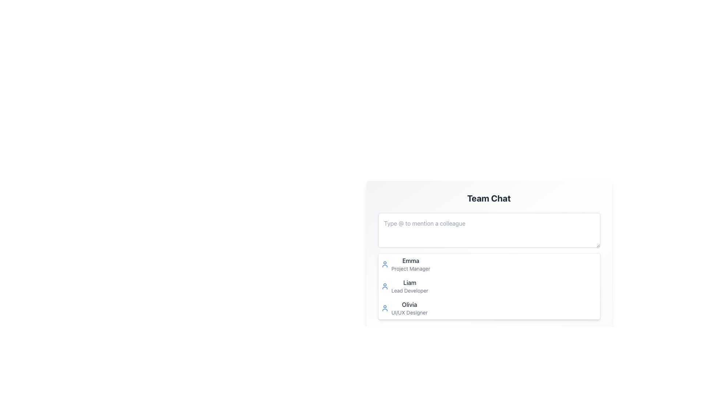  Describe the element at coordinates (411, 269) in the screenshot. I see `the text label displaying 'Project Manager' located directly below 'Emma' in the 'Team Chat' section` at that location.